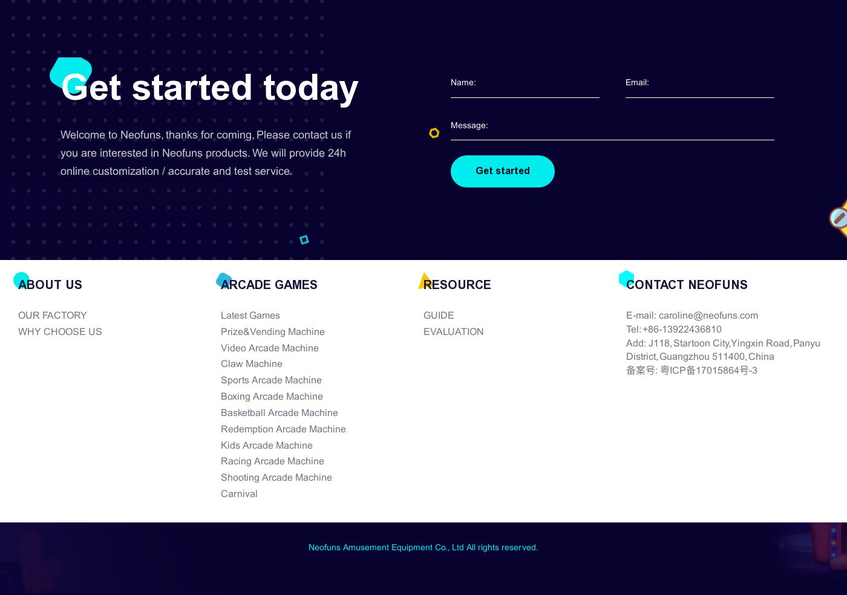  Describe the element at coordinates (272, 397) in the screenshot. I see `'Boxing Arcade Machine'` at that location.